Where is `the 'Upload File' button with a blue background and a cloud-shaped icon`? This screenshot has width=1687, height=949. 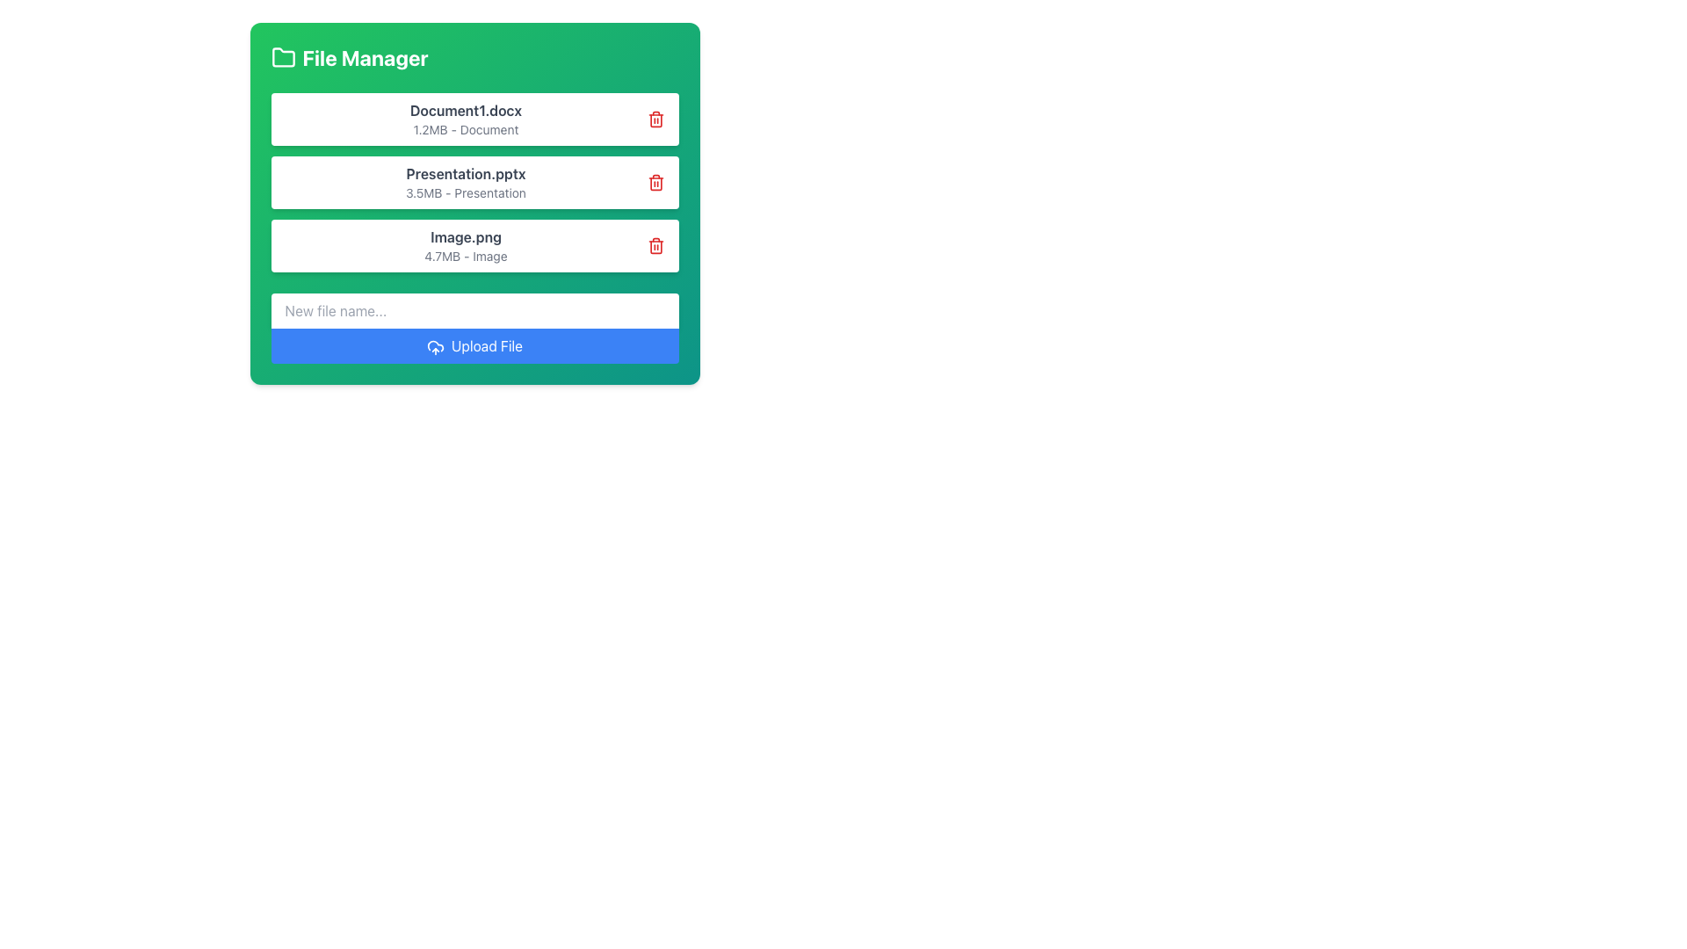 the 'Upload File' button with a blue background and a cloud-shaped icon is located at coordinates (474, 345).